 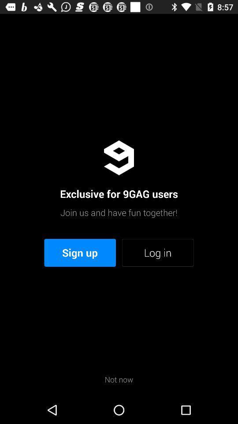 What do you see at coordinates (157, 253) in the screenshot?
I see `icon below join us and item` at bounding box center [157, 253].